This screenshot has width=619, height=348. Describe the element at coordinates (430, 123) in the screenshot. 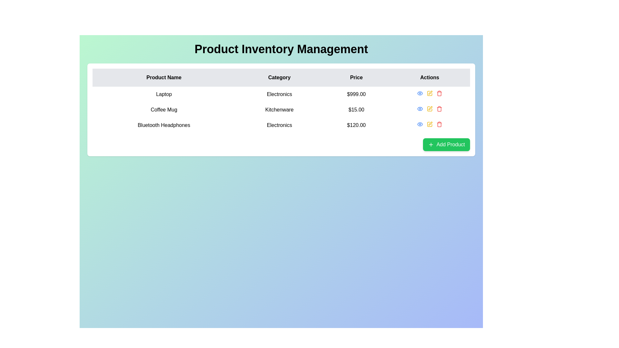

I see `the pen-shaped icon button, which is the second icon in the row of actions for the product 'Bluetooth Headphones'` at that location.